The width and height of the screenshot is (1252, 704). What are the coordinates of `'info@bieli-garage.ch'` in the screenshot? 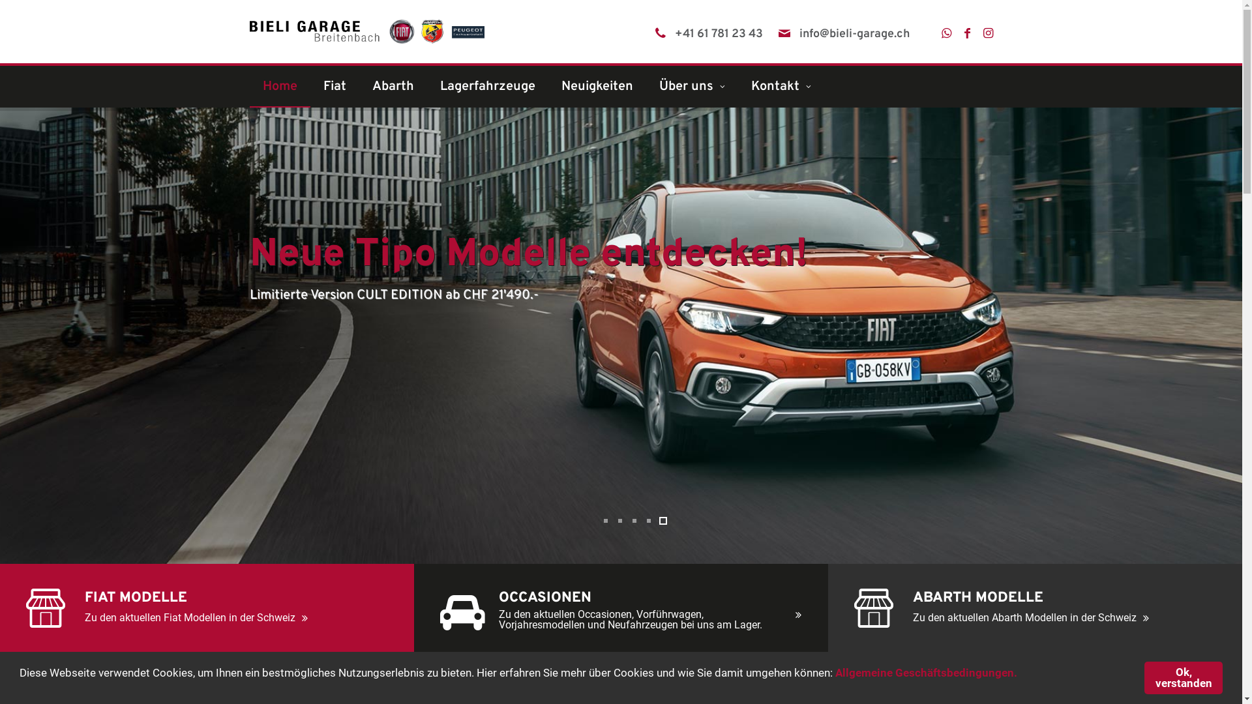 It's located at (854, 34).